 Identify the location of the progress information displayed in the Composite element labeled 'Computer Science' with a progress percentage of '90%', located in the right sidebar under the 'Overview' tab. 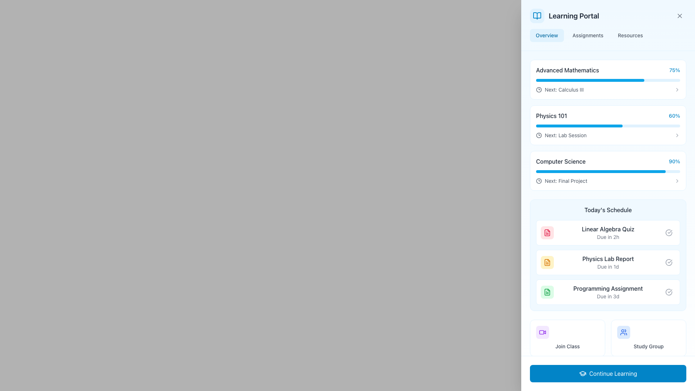
(608, 161).